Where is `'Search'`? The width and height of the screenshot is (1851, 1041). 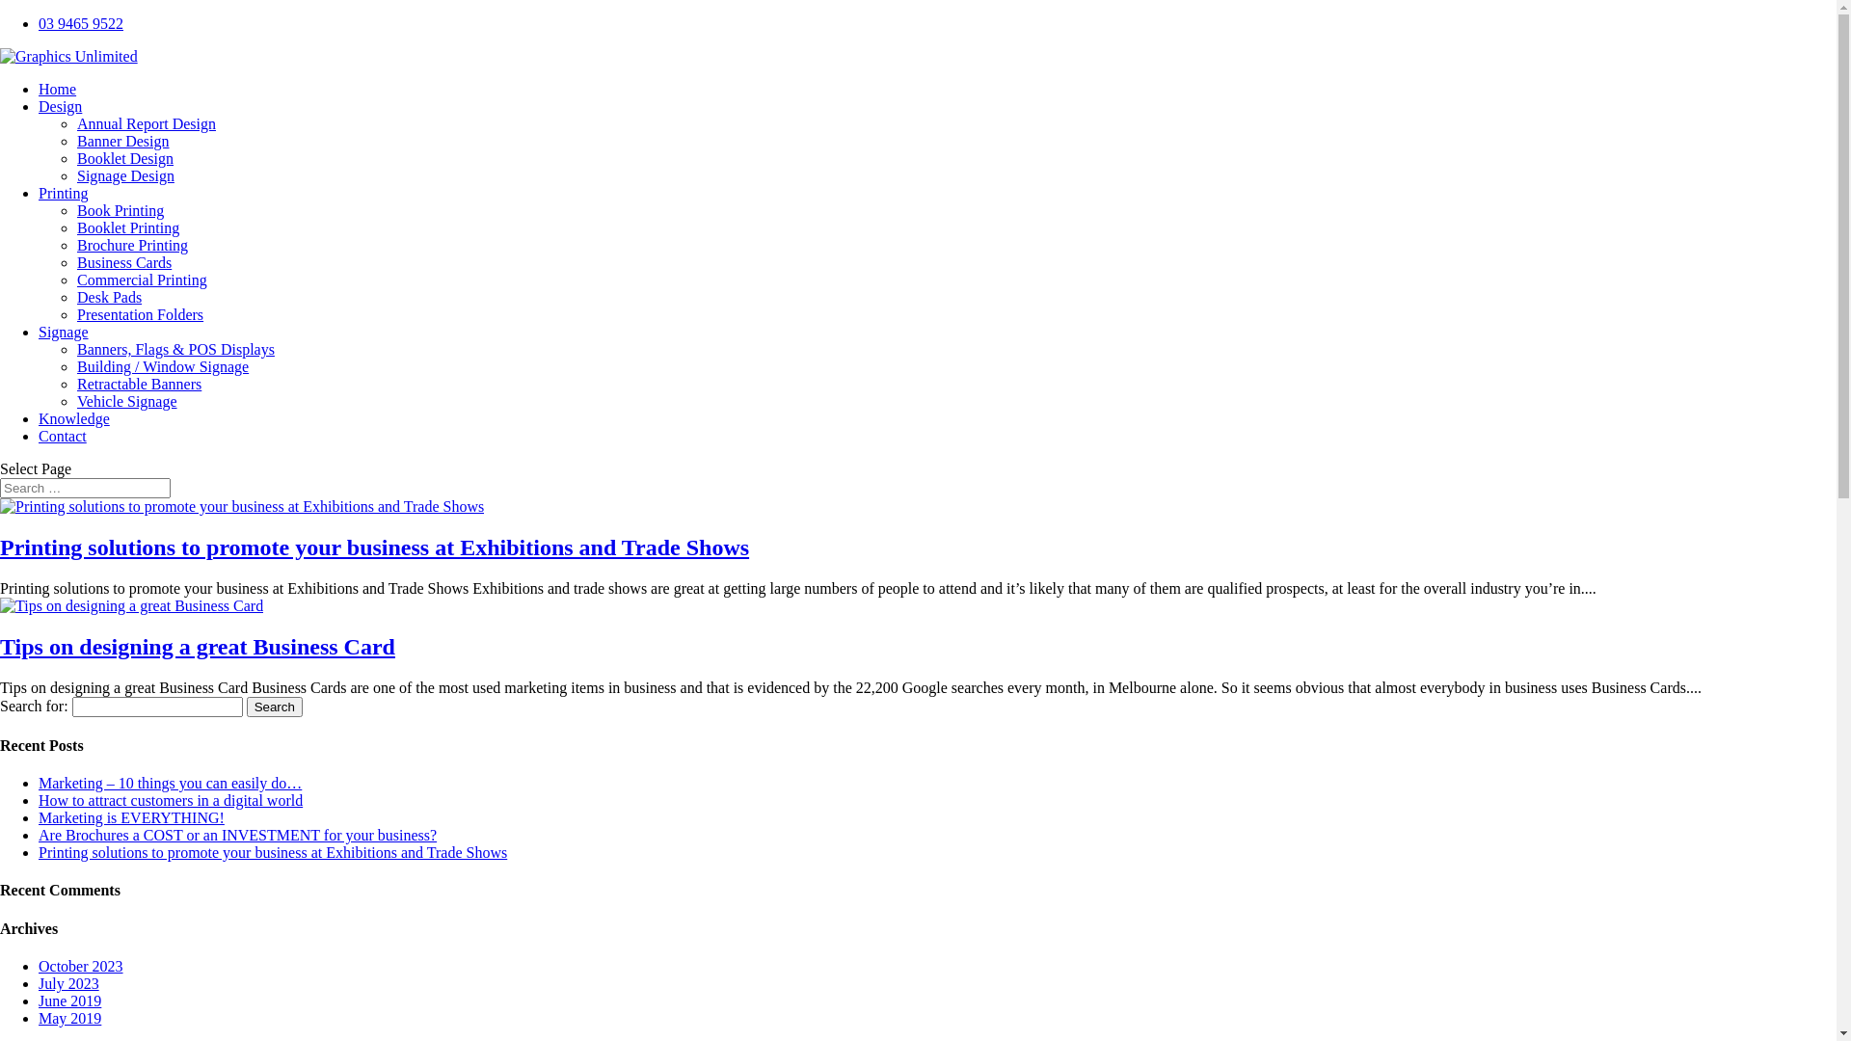 'Search' is located at coordinates (273, 707).